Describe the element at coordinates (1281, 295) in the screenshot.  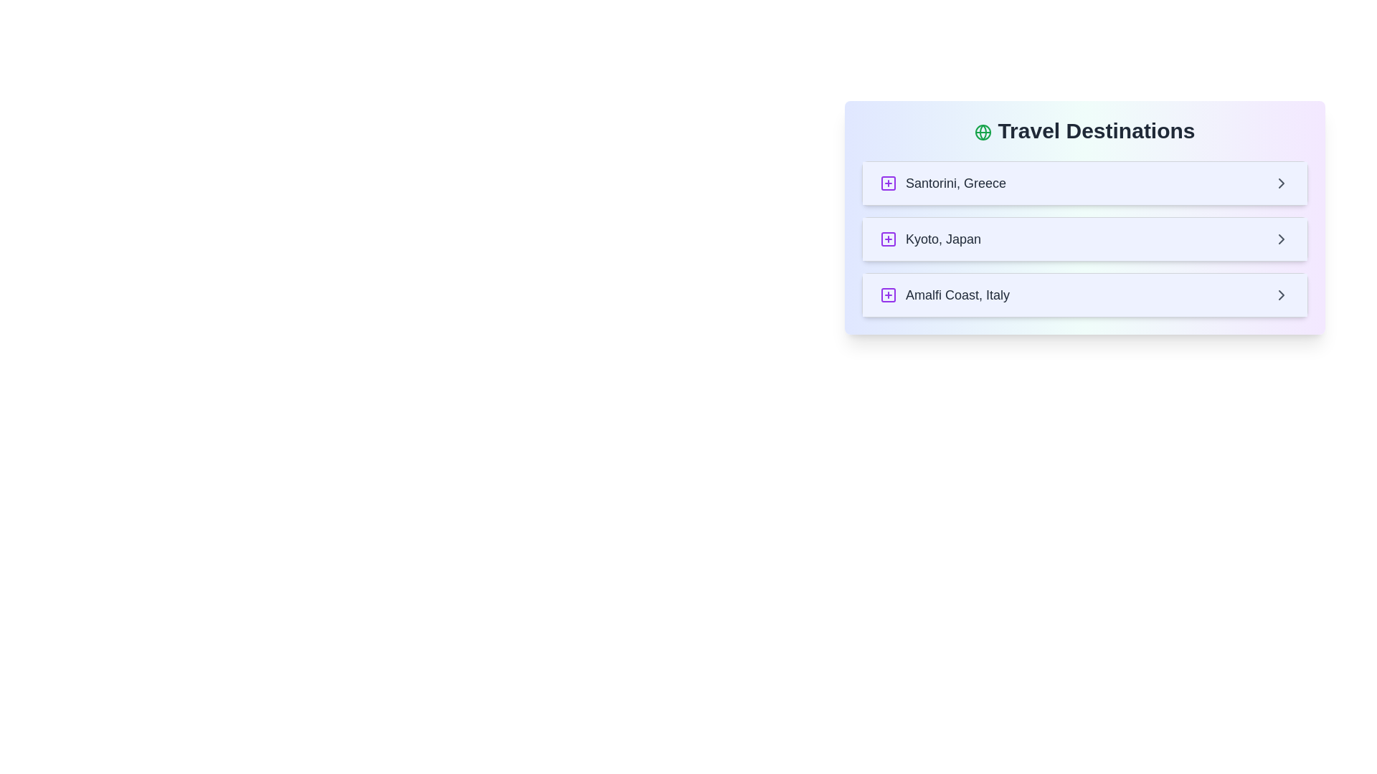
I see `the Chevron Icon for Navigation located on the right side of the clickable list item for 'Amalfi Coast, Italy'` at that location.